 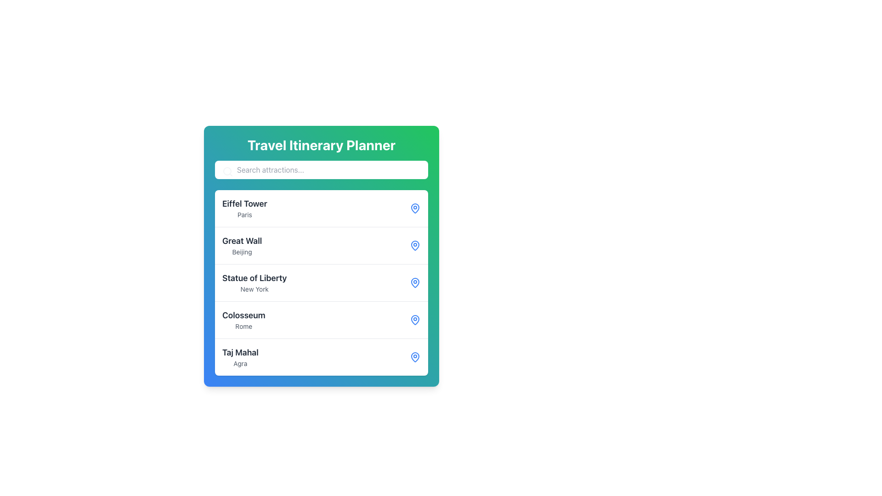 What do you see at coordinates (414, 282) in the screenshot?
I see `the third map pin icon with a blue outline next to the 'Statue of Liberty' and 'New York' text` at bounding box center [414, 282].